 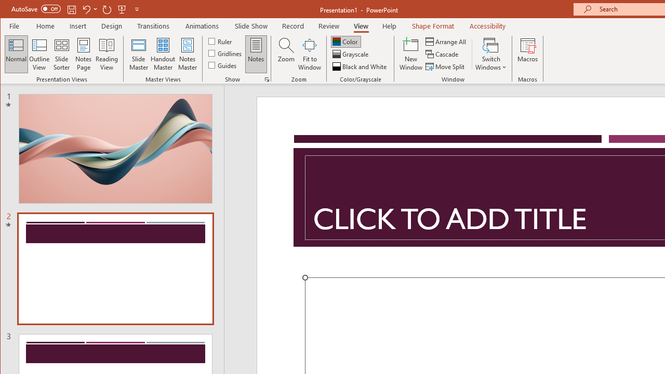 What do you see at coordinates (447, 41) in the screenshot?
I see `'Arrange All'` at bounding box center [447, 41].